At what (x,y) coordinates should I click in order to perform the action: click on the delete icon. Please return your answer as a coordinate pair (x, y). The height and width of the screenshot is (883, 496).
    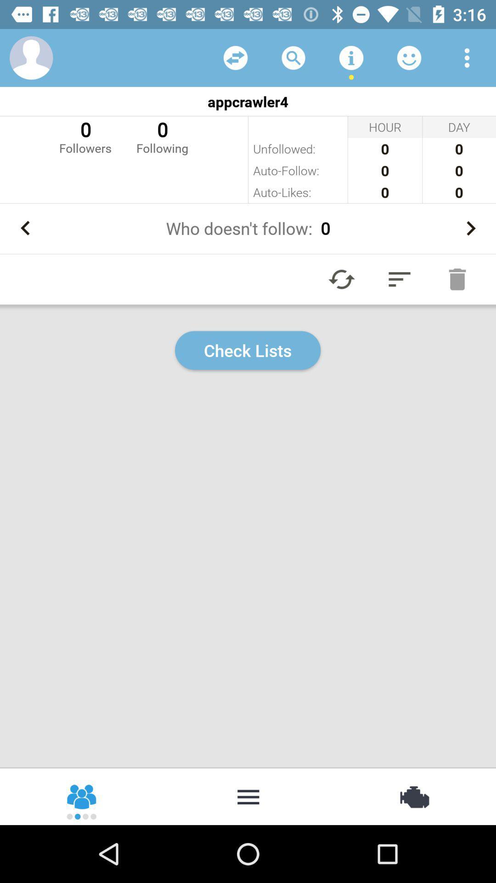
    Looking at the image, I should click on (457, 279).